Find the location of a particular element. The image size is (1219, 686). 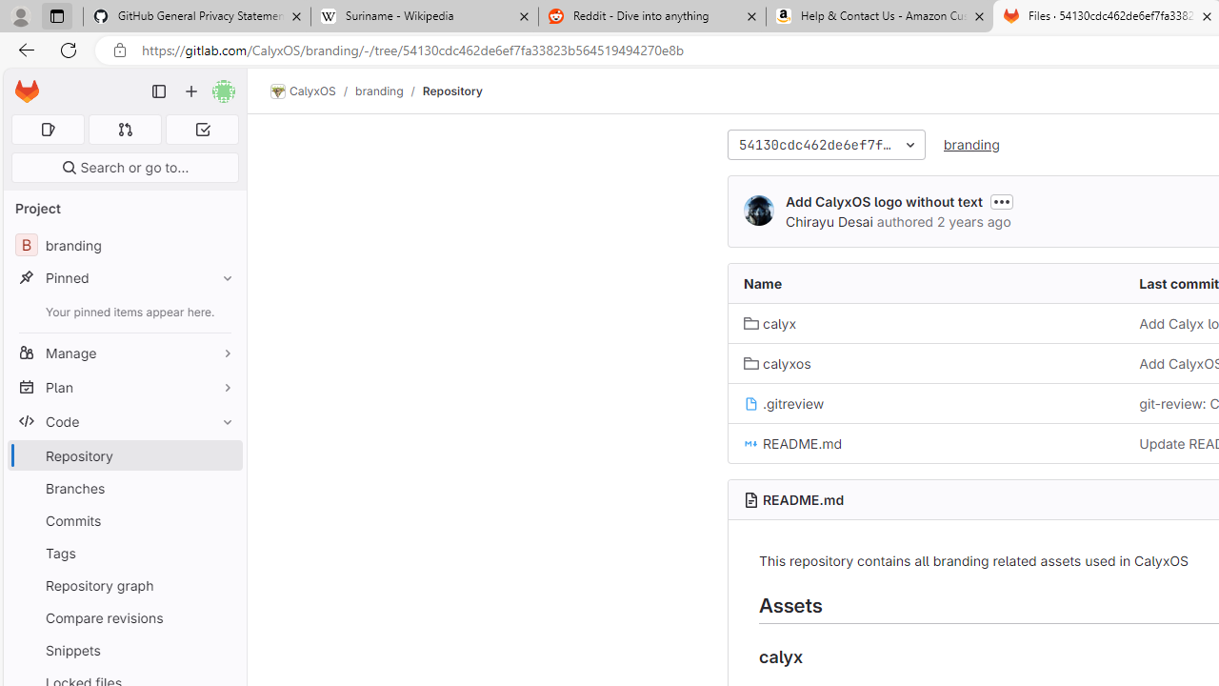

'Assigned issues 0' is located at coordinates (48, 129).